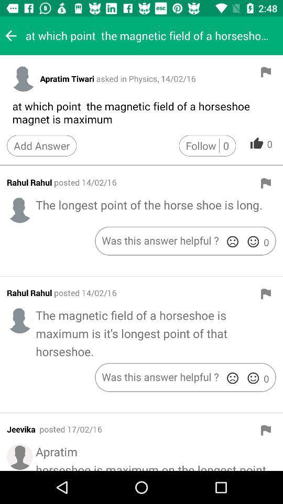 The height and width of the screenshot is (504, 283). Describe the element at coordinates (10, 36) in the screenshot. I see `return to previous` at that location.